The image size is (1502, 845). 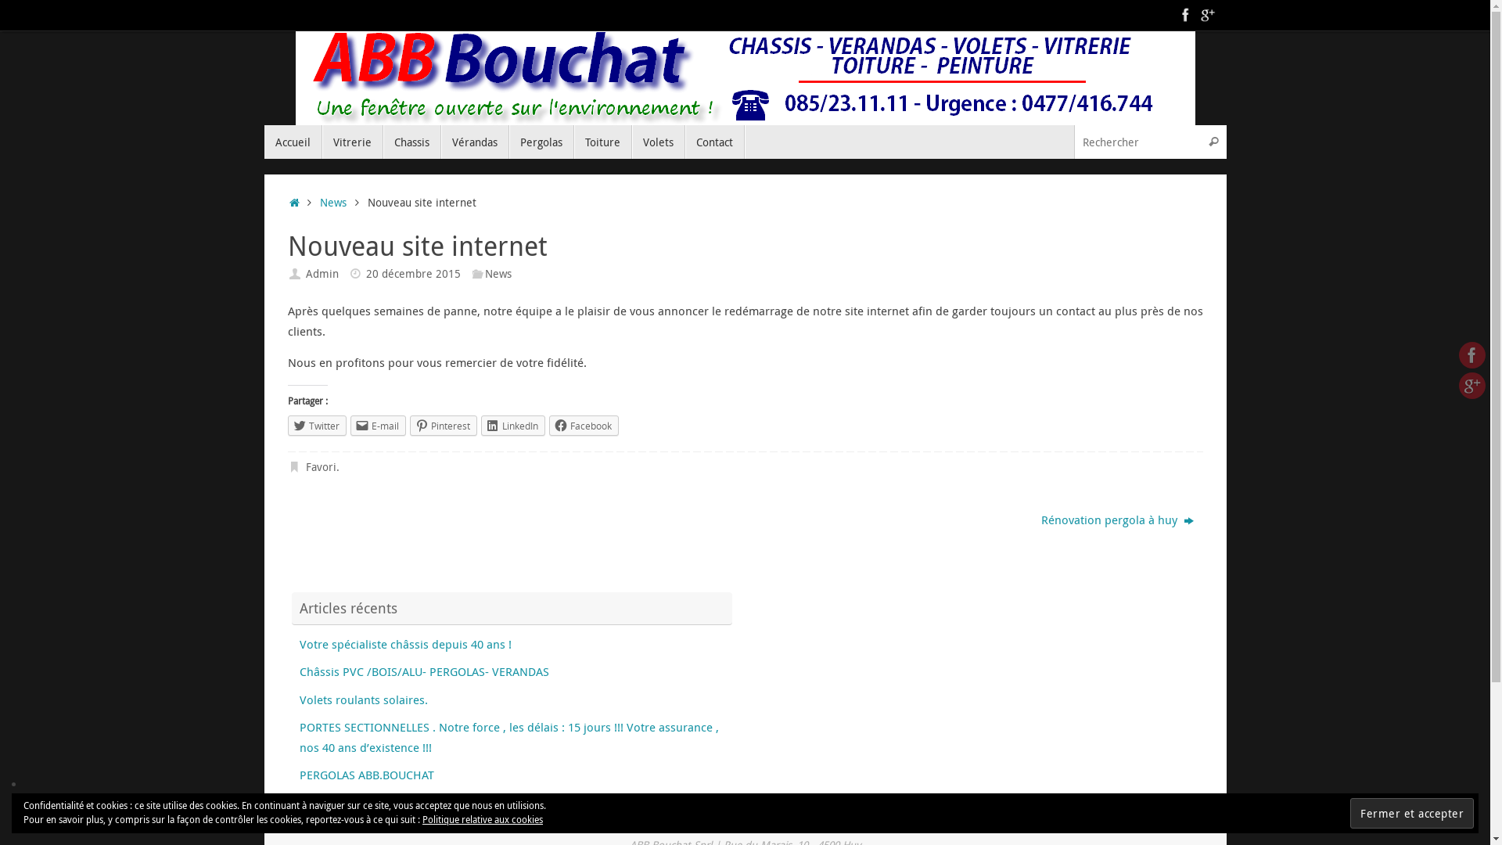 I want to click on ' Ajouter le permalien aux favoris', so click(x=295, y=466).